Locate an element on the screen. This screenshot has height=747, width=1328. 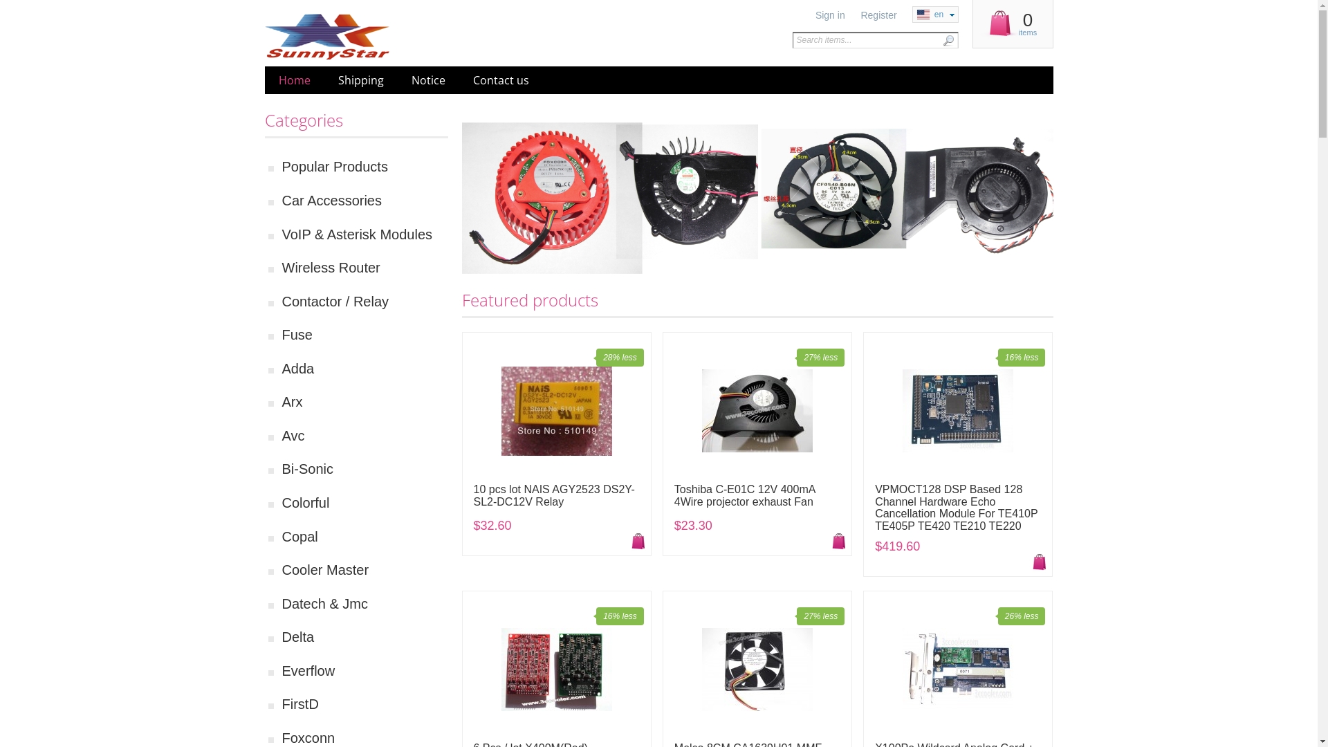
'Contactor / Relay' is located at coordinates (365, 301).